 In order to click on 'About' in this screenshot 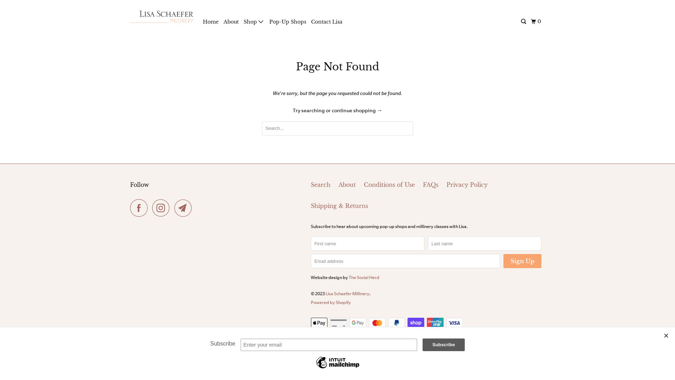, I will do `click(231, 21)`.